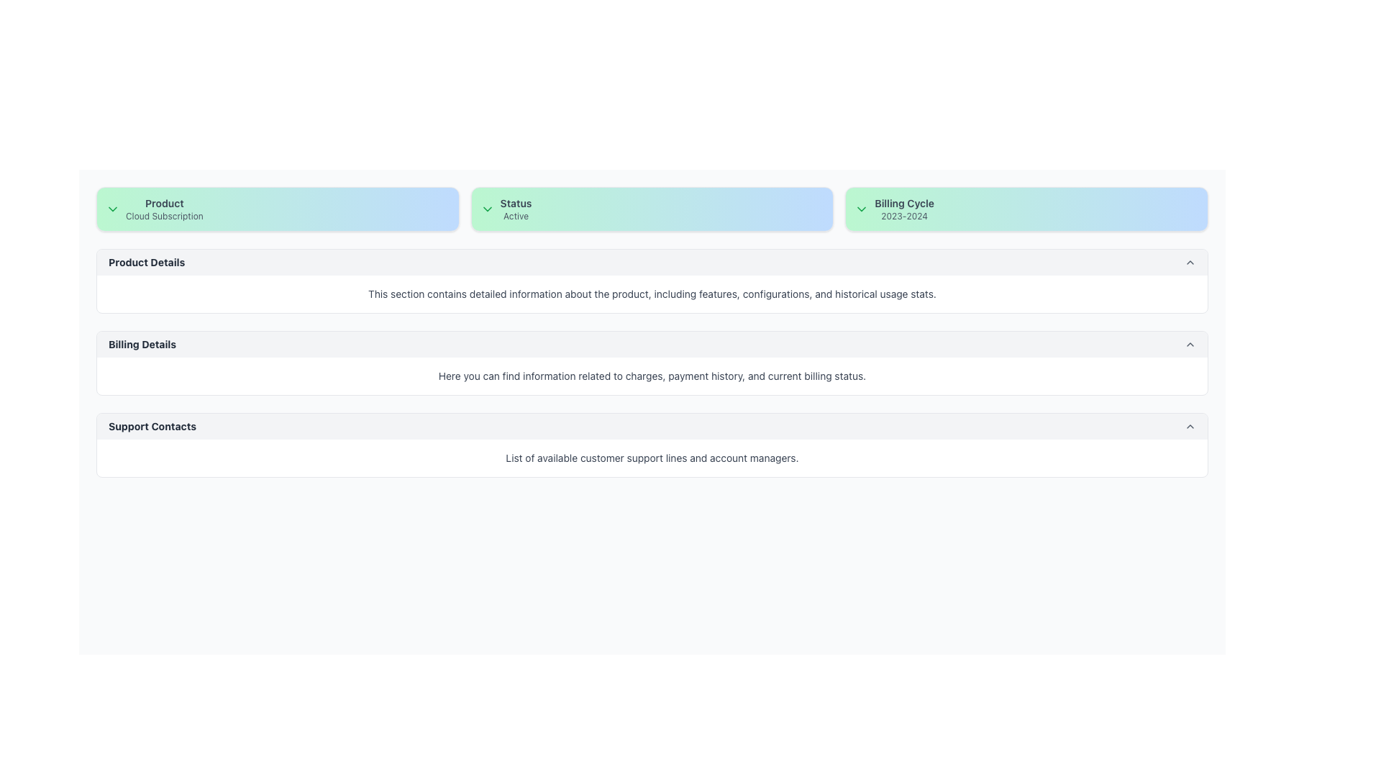  Describe the element at coordinates (652, 344) in the screenshot. I see `the 'Billing Details' expandable section toggle` at that location.